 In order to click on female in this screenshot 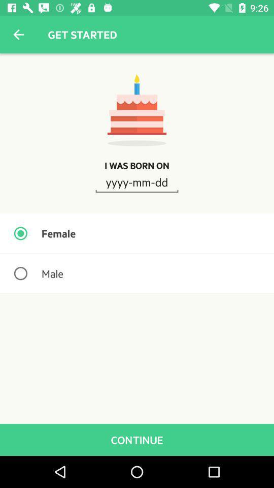, I will do `click(137, 233)`.